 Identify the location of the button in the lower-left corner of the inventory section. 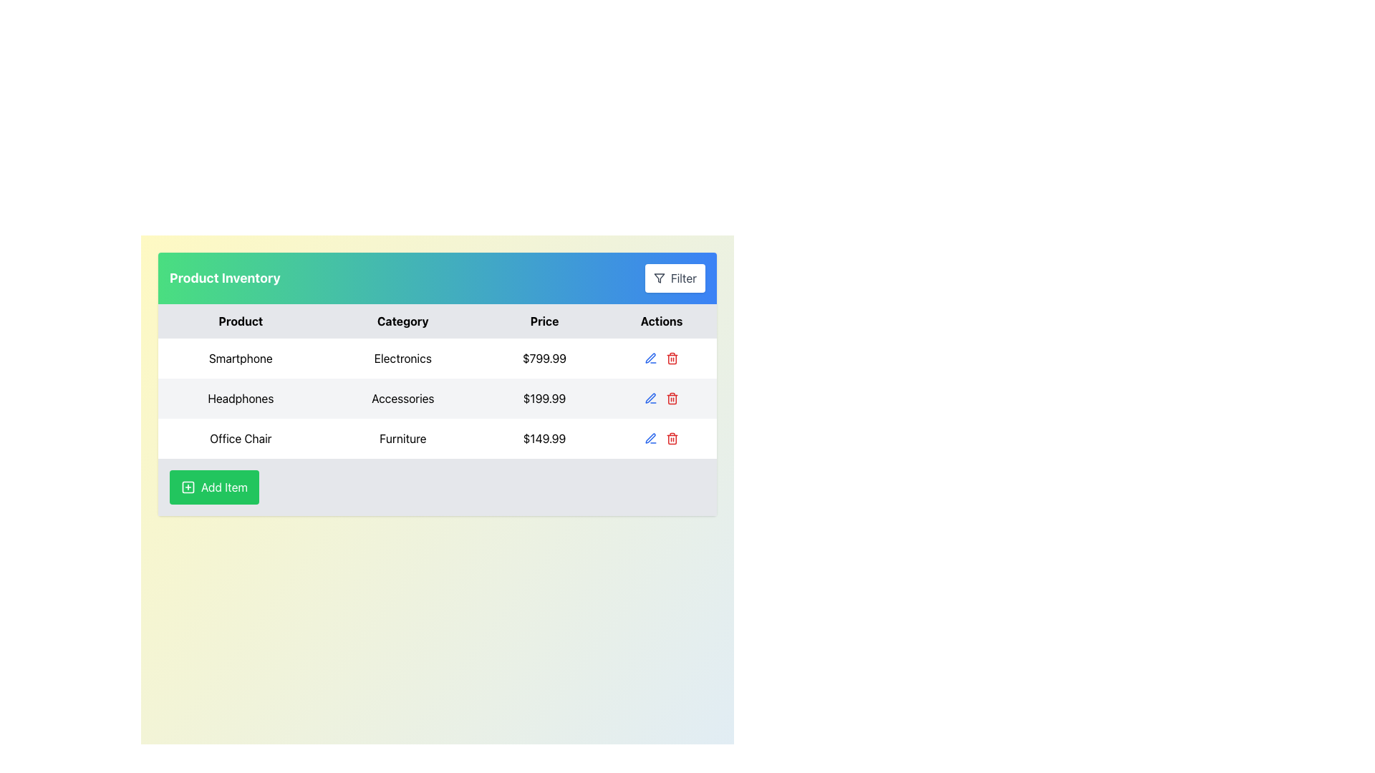
(213, 487).